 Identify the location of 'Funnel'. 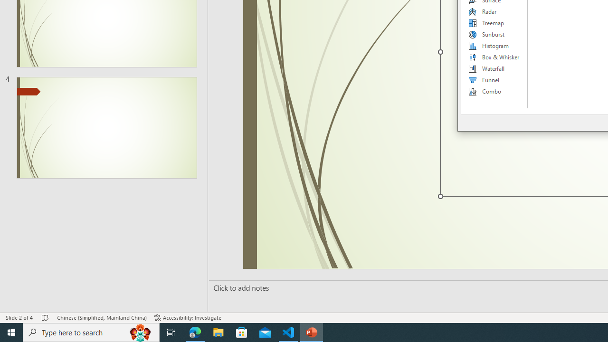
(494, 79).